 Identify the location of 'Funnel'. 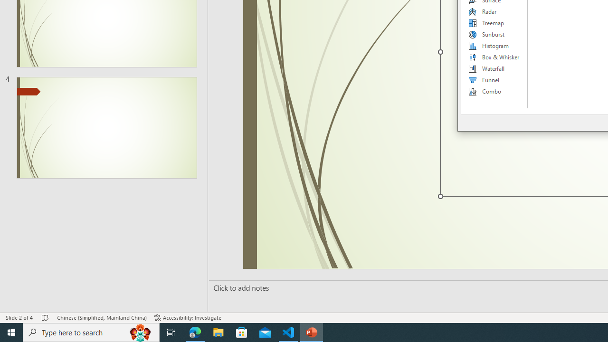
(494, 79).